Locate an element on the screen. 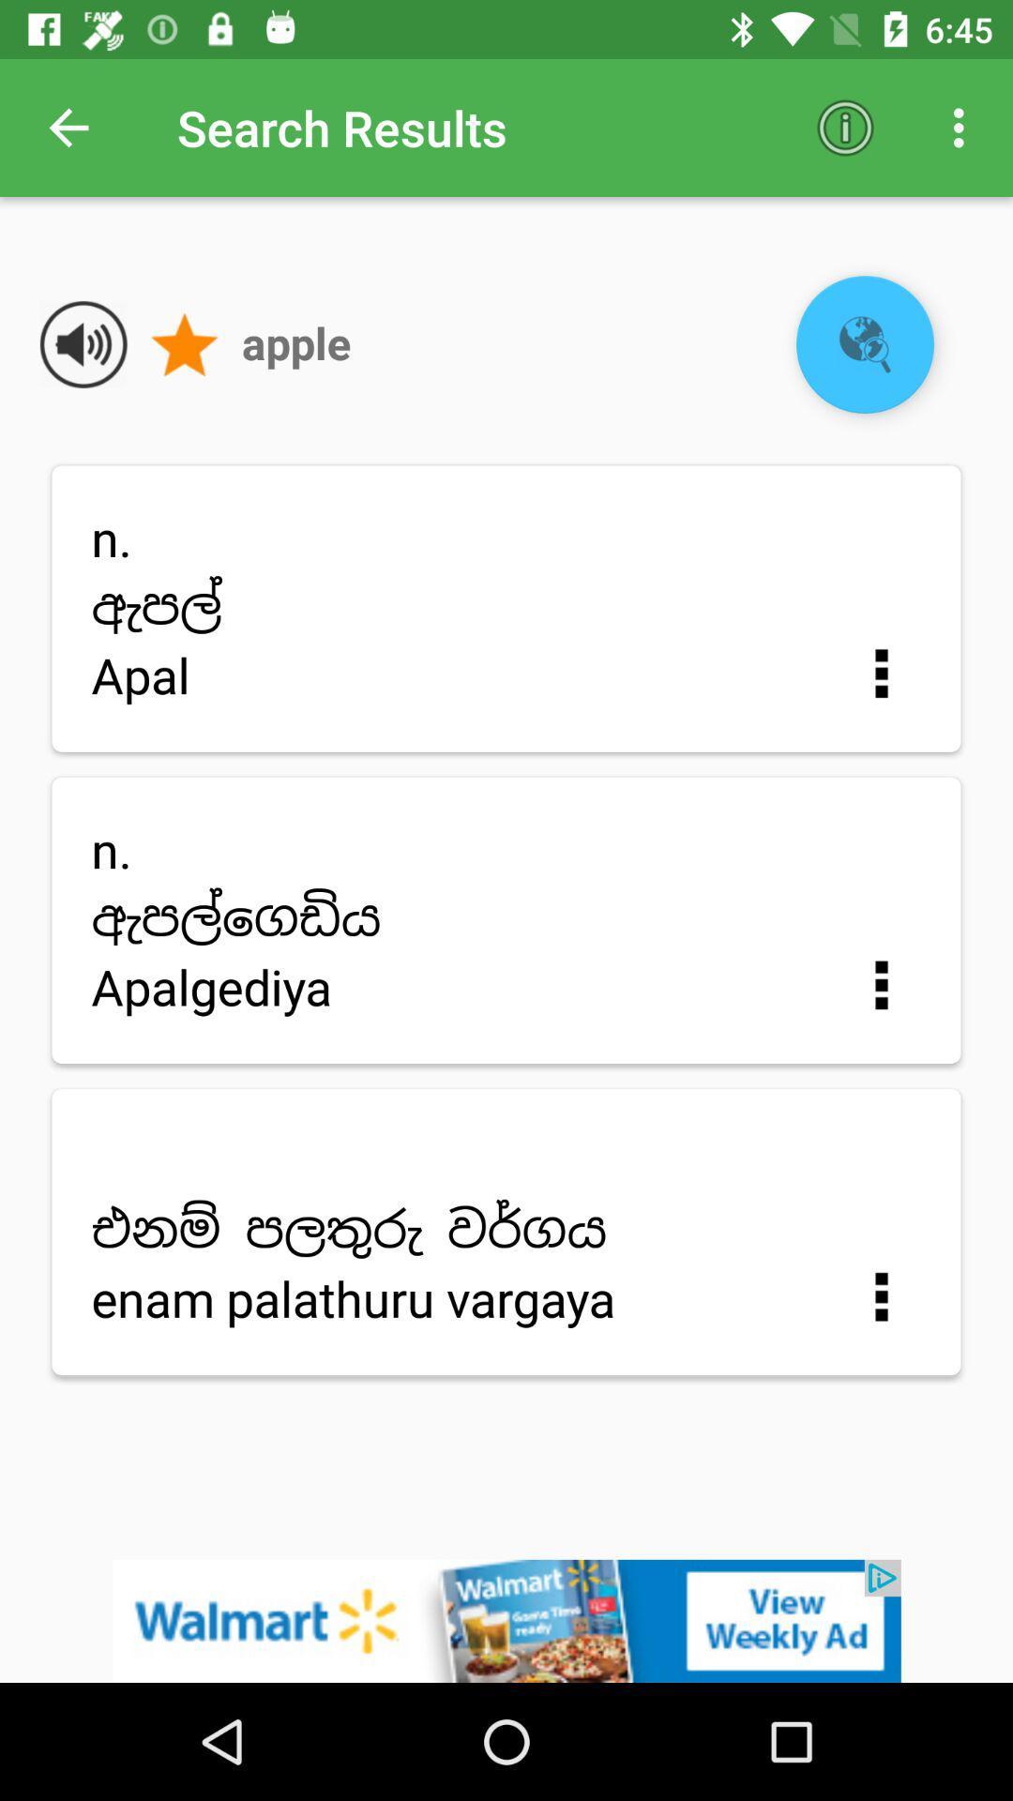 This screenshot has height=1801, width=1013. the globe icon is located at coordinates (865, 344).